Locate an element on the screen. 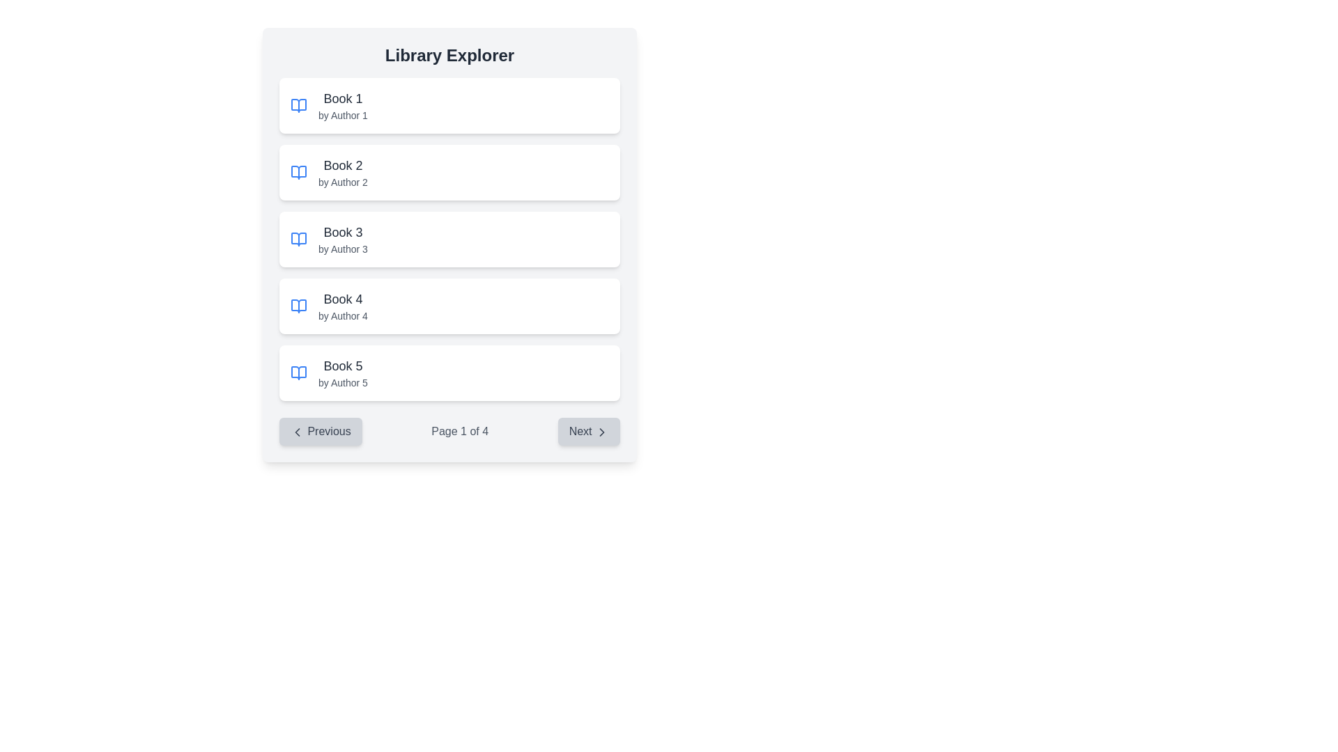 Image resolution: width=1338 pixels, height=752 pixels. the previous page button located in the bottom-left section of the pagination control area, which is positioned to the left of the 'Page 1 of 4' text is located at coordinates (320, 431).